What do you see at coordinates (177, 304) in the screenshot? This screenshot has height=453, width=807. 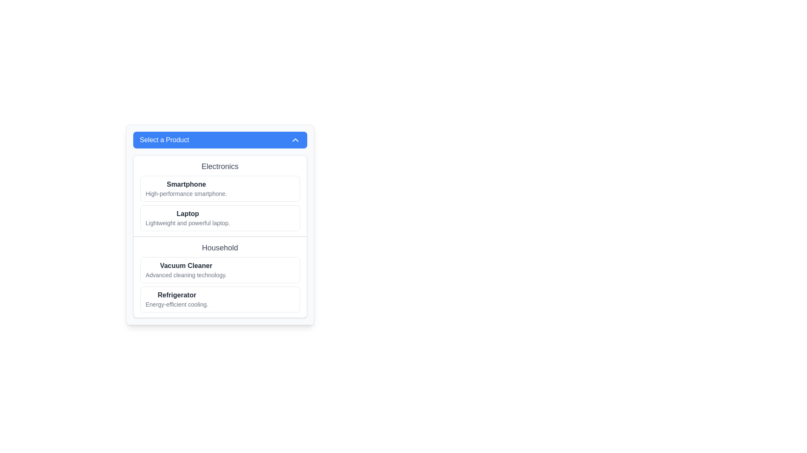 I see `the text label providing additional information about the 'Refrigerator' item, which is located directly below the bold title 'Refrigerator' in the 'Household' category` at bounding box center [177, 304].